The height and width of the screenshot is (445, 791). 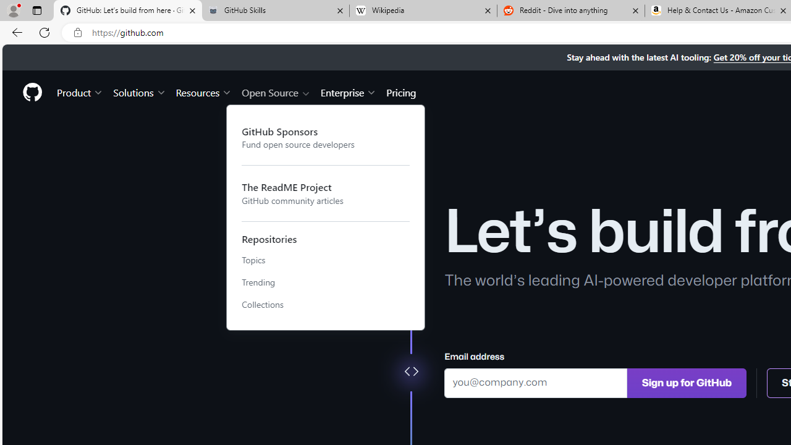 What do you see at coordinates (570, 11) in the screenshot?
I see `'Reddit - Dive into anything'` at bounding box center [570, 11].